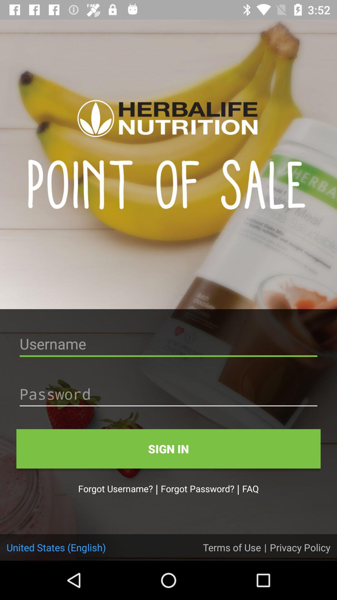 Image resolution: width=337 pixels, height=600 pixels. Describe the element at coordinates (250, 488) in the screenshot. I see `faq icon` at that location.